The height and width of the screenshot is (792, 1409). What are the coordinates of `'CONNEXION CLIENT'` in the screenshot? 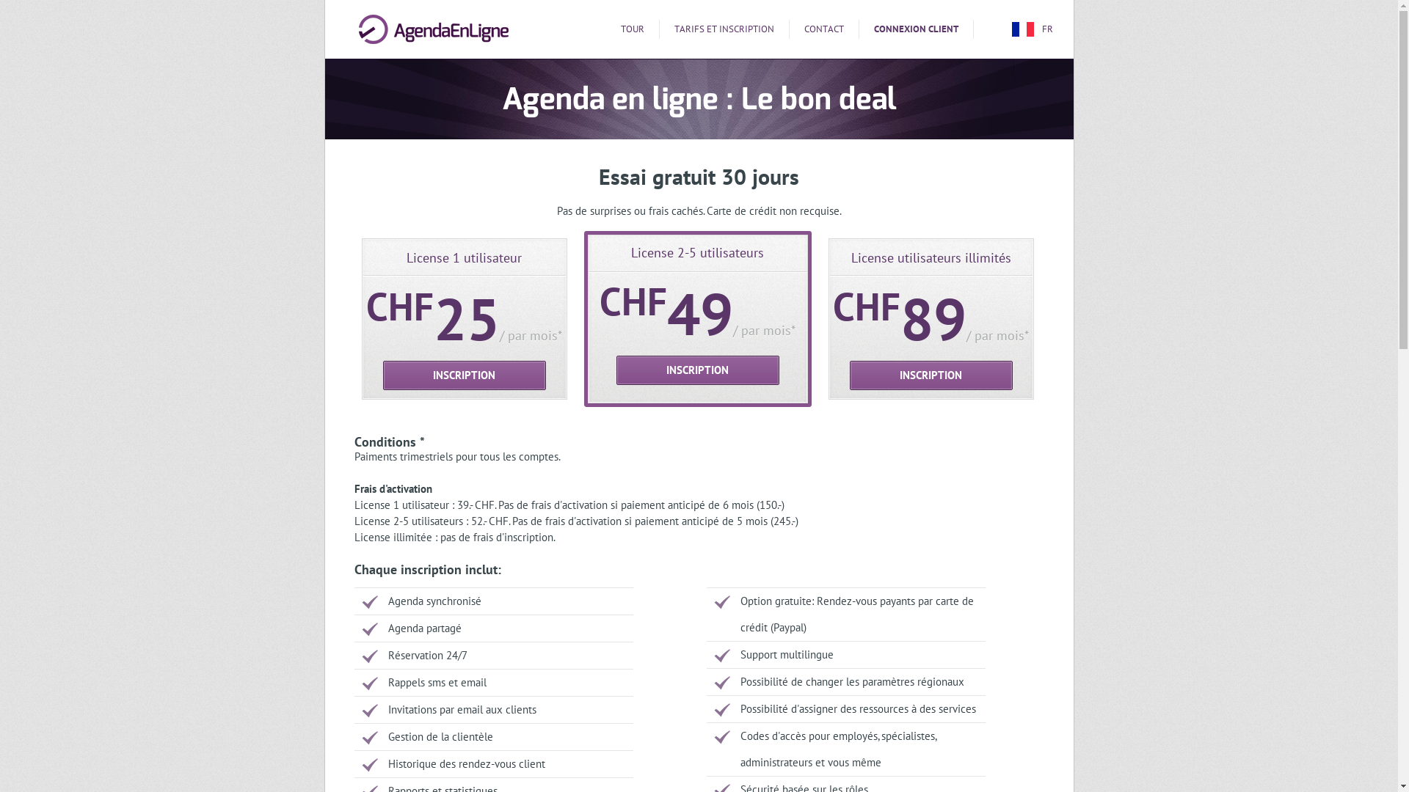 It's located at (915, 29).